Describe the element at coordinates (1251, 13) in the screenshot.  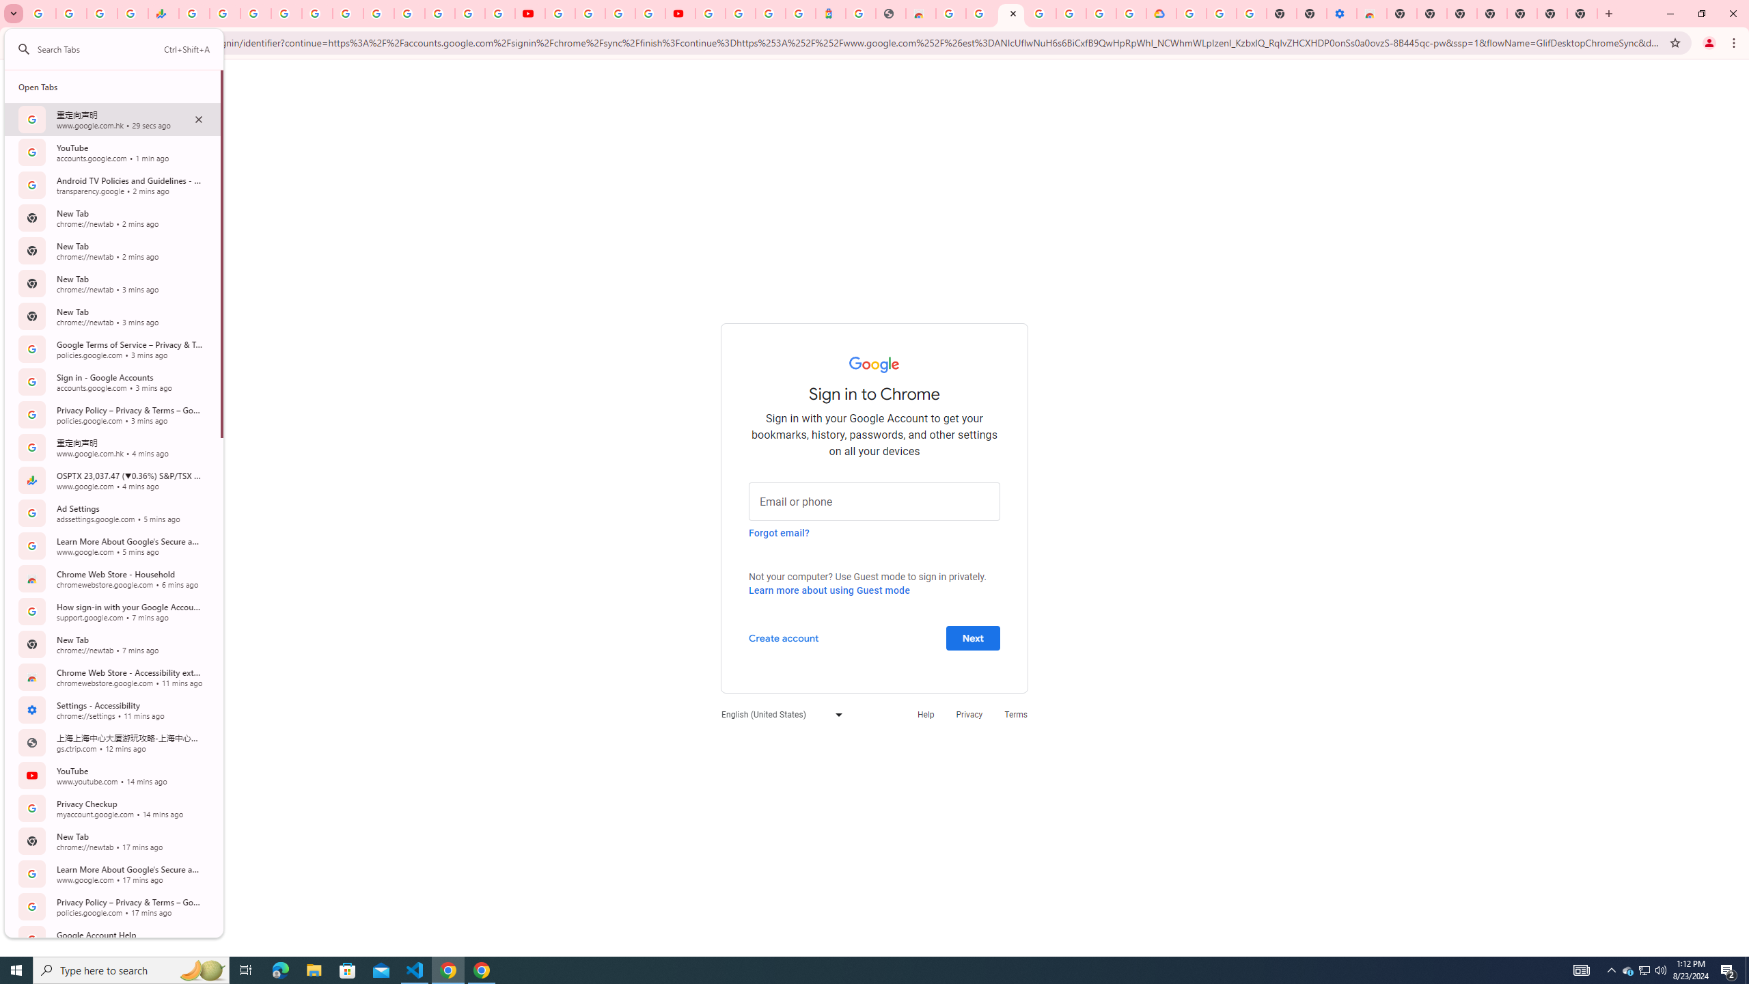
I see `'Turn cookies on or off - Computer - Google Account Help'` at that location.